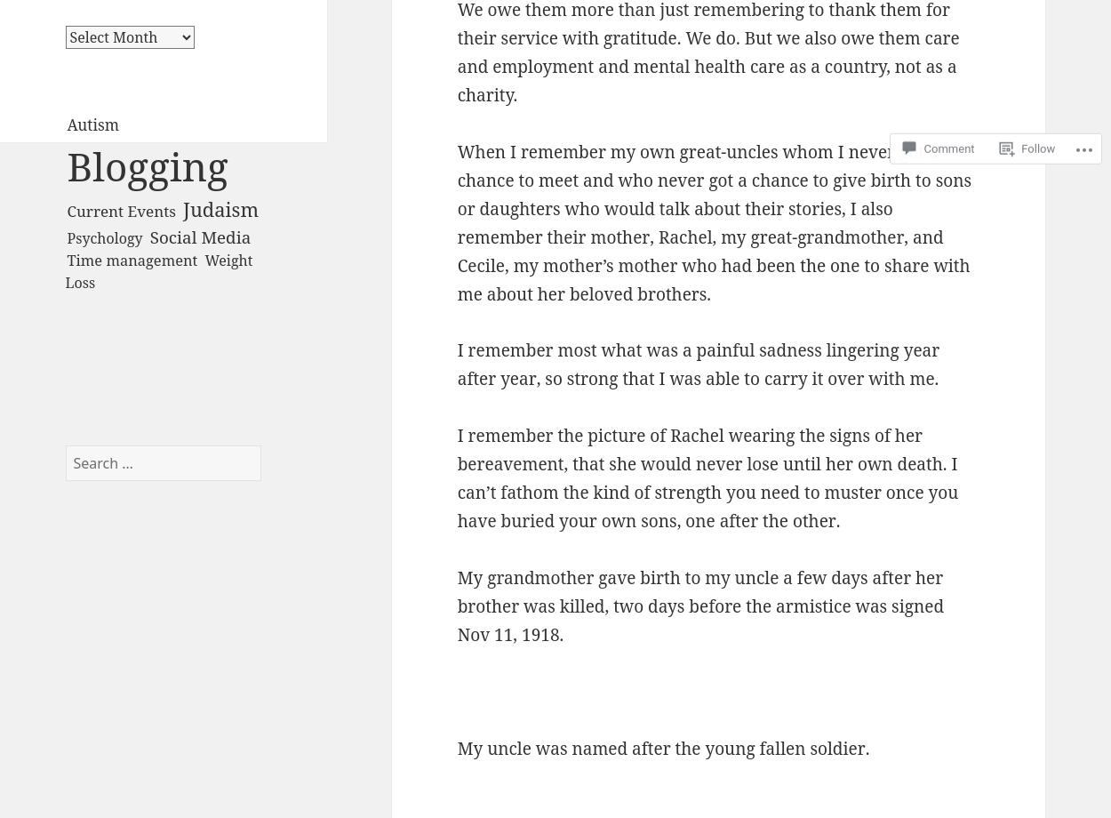 The width and height of the screenshot is (1111, 818). I want to click on 'My grandmother gave birth to my uncle a few days after her brother was killed, two days before the armistice was signed Nov 11, 1918.', so click(457, 605).